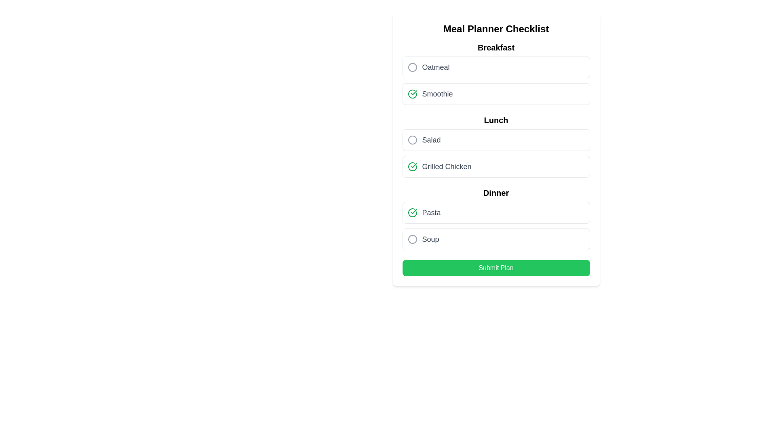 This screenshot has height=436, width=776. I want to click on text label that describes the 'Salad' meal option, which is located in the checklist under the 'Lunch' section, so click(431, 140).